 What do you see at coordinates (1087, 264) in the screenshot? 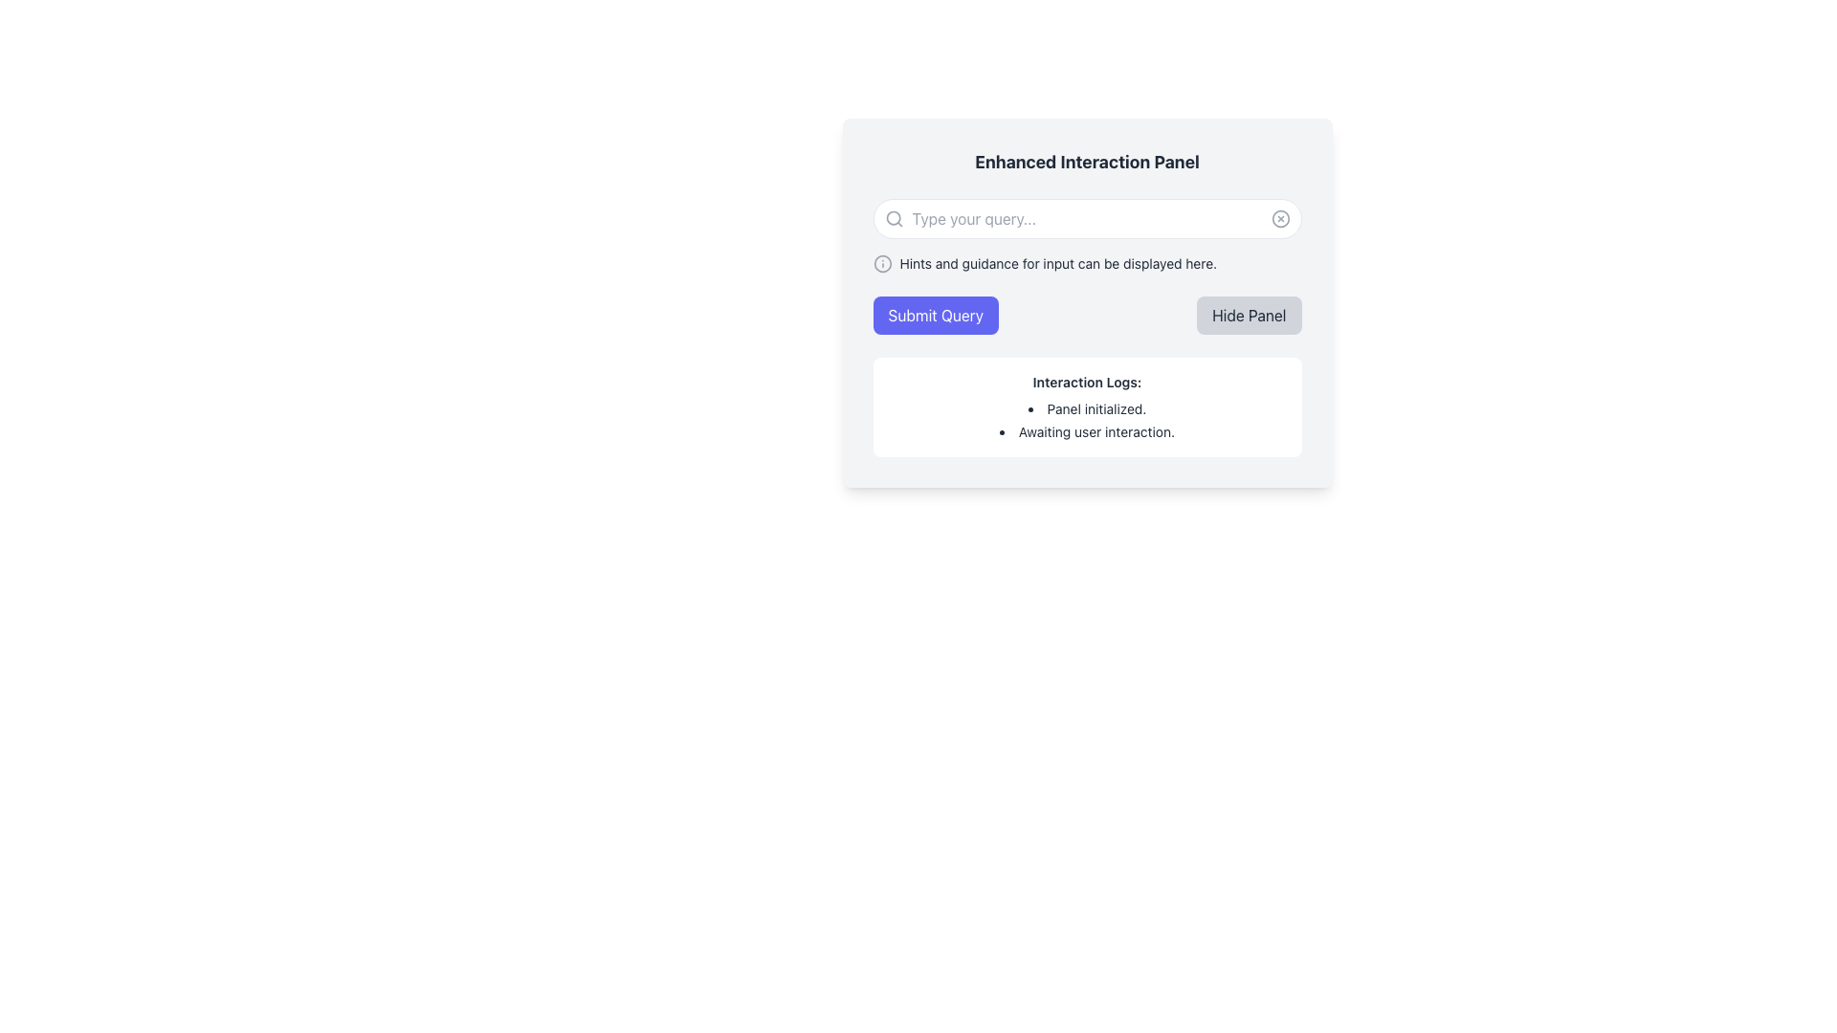
I see `the text description element displaying a concise paragraph with an information icon, located in the user query section of the Enhanced Interaction Panel below the input field` at bounding box center [1087, 264].